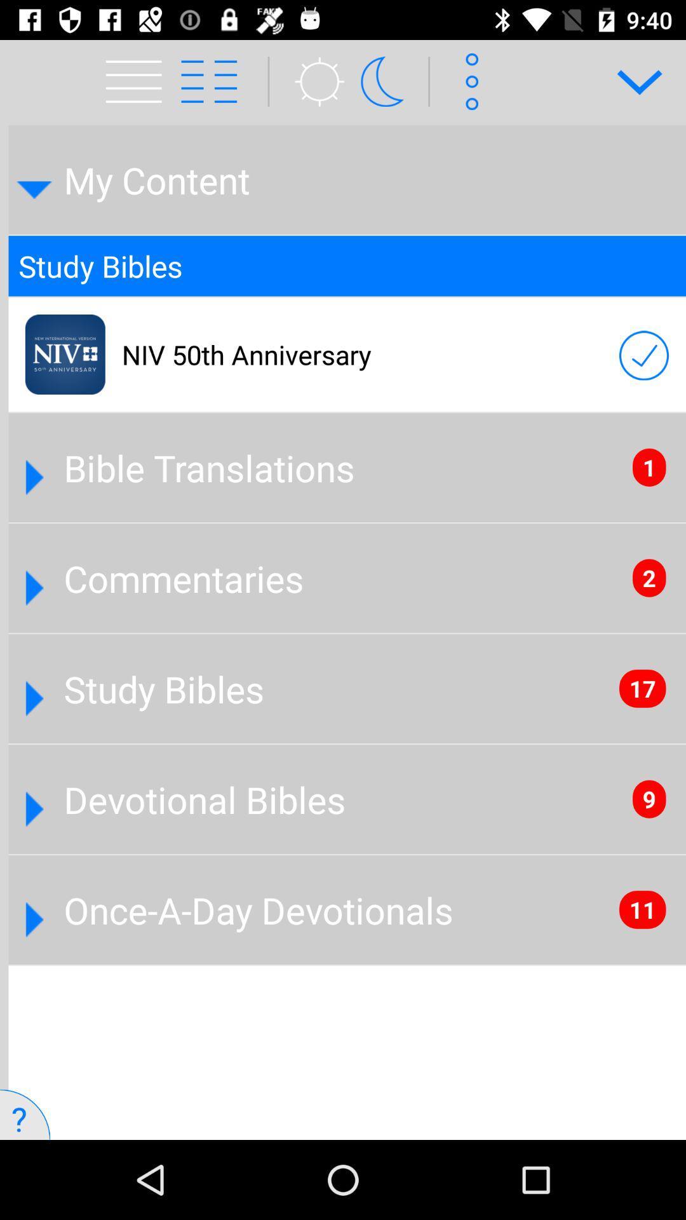 The width and height of the screenshot is (686, 1220). What do you see at coordinates (631, 81) in the screenshot?
I see `drop down arrow in top right corner` at bounding box center [631, 81].